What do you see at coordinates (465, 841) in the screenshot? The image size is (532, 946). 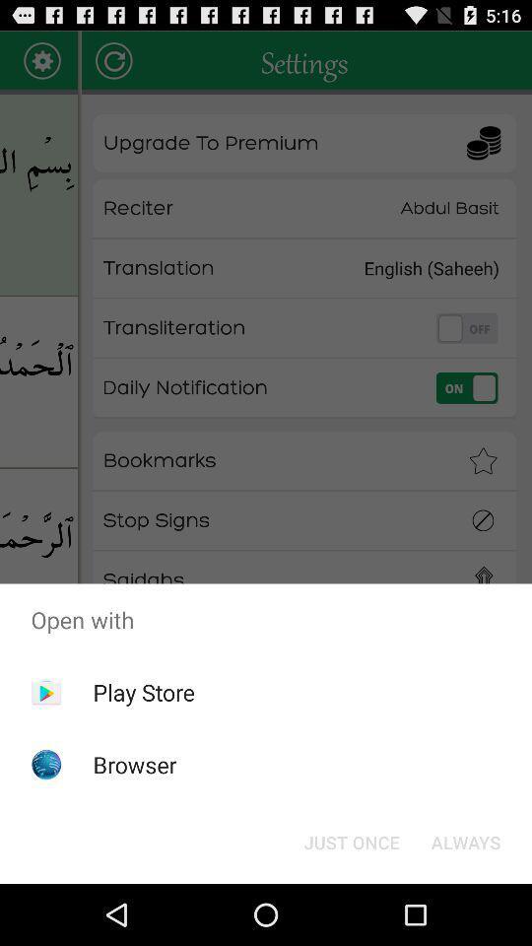 I see `always icon` at bounding box center [465, 841].